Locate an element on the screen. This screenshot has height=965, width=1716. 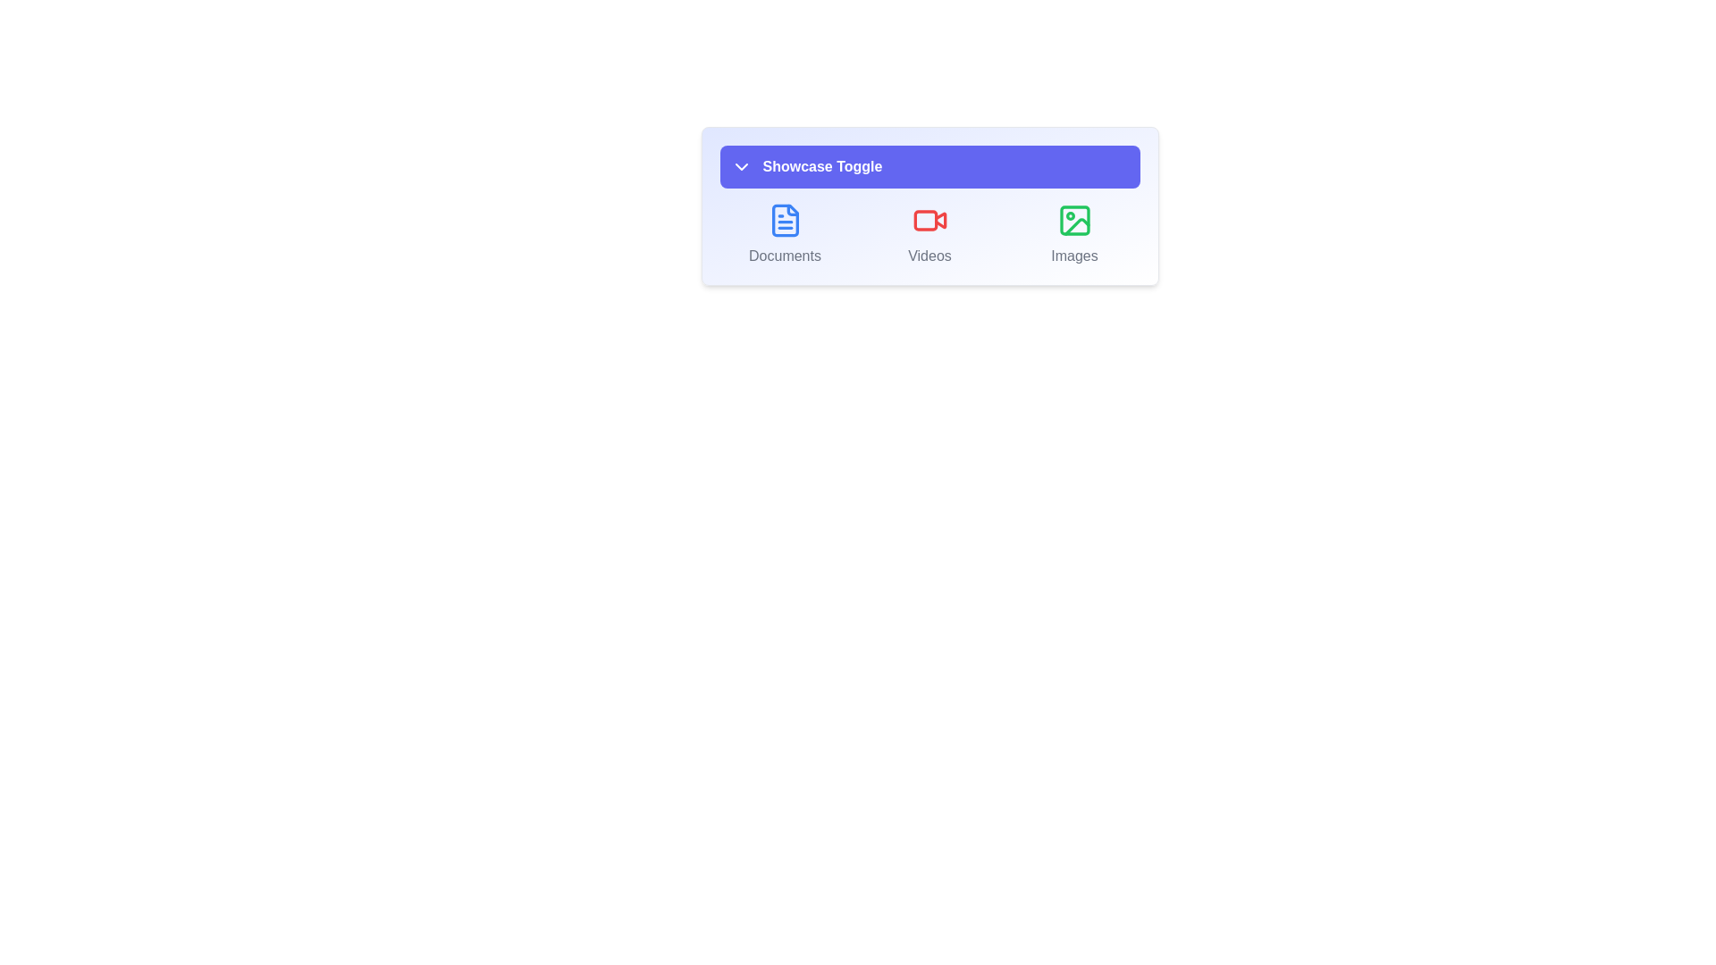
the bold text label displaying 'Showcase Toggle' on the blue background, located at the top of the group of icons labeled 'Documents', 'Videos', and 'Images' is located at coordinates (821, 166).